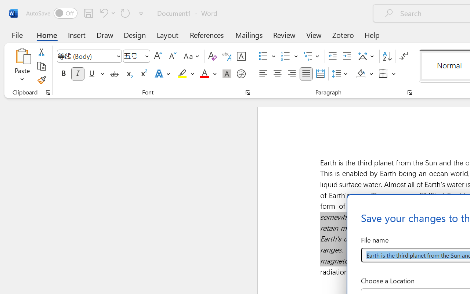  I want to click on 'Asian Layout', so click(367, 56).